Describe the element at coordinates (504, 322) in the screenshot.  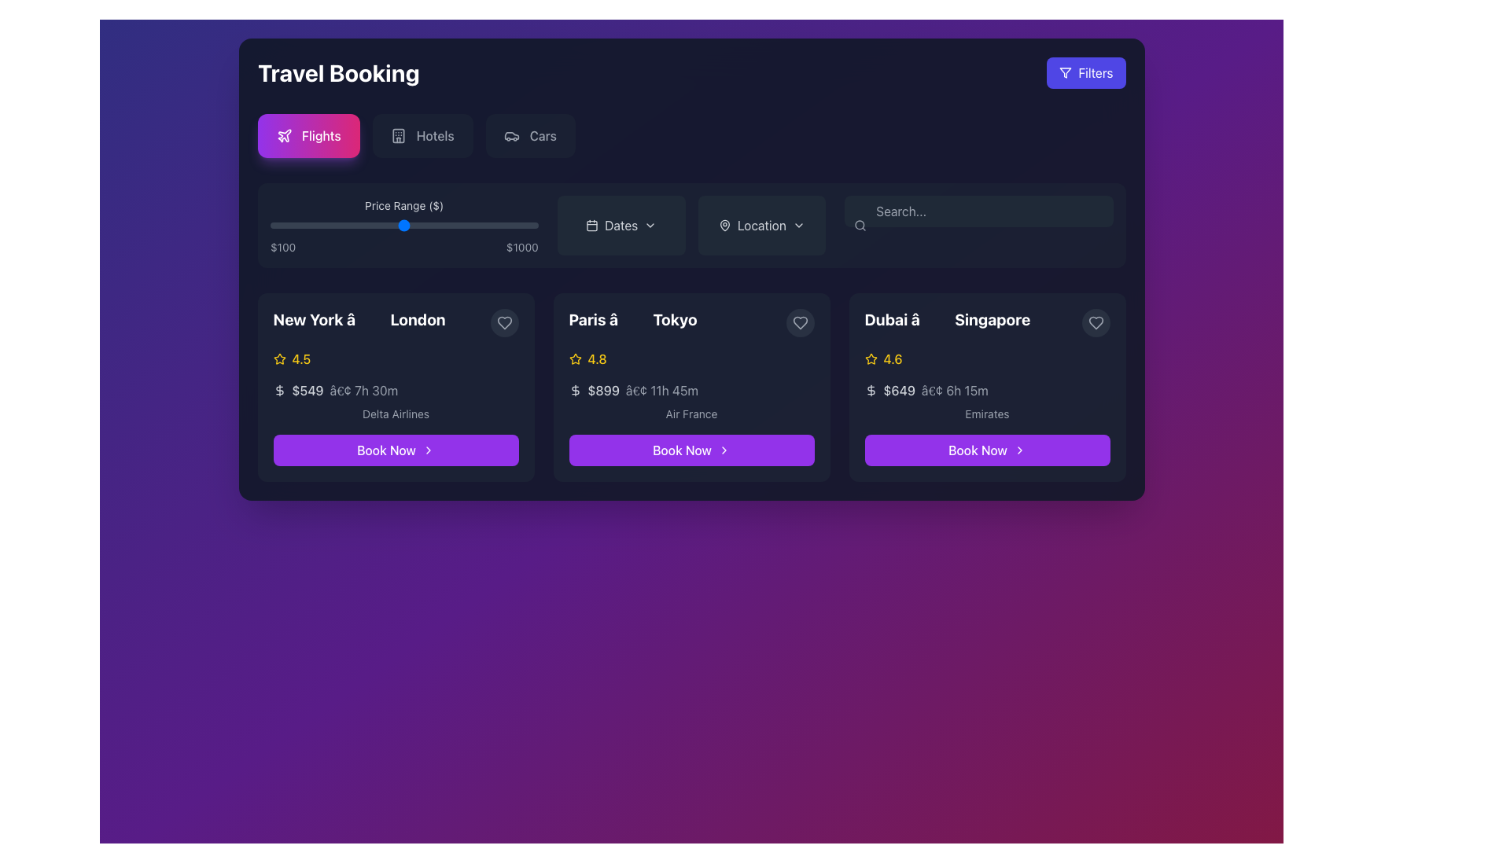
I see `the heart-shaped icon button in the second card (Paris → Tokyo) of the flight booking results to mark it as favorite` at that location.